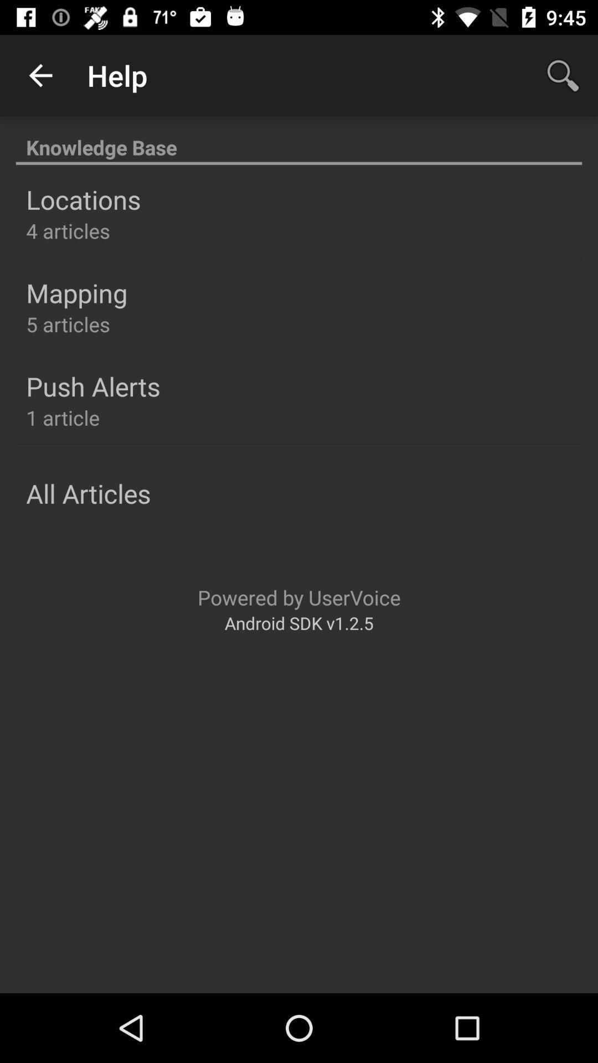 This screenshot has width=598, height=1063. I want to click on 5 articles icon, so click(68, 323).